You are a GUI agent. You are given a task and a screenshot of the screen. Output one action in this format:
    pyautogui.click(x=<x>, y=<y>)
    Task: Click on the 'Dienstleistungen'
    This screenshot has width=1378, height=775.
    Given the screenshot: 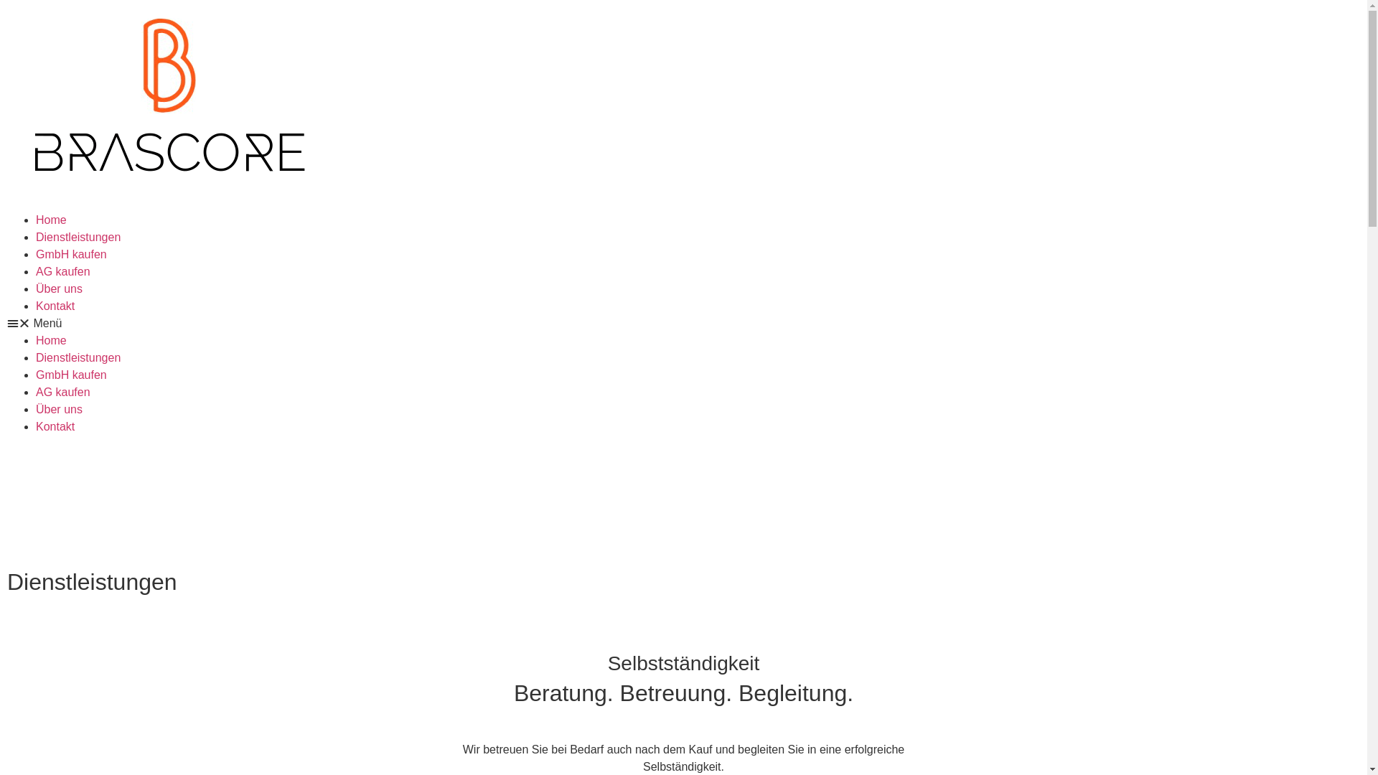 What is the action you would take?
    pyautogui.click(x=78, y=357)
    